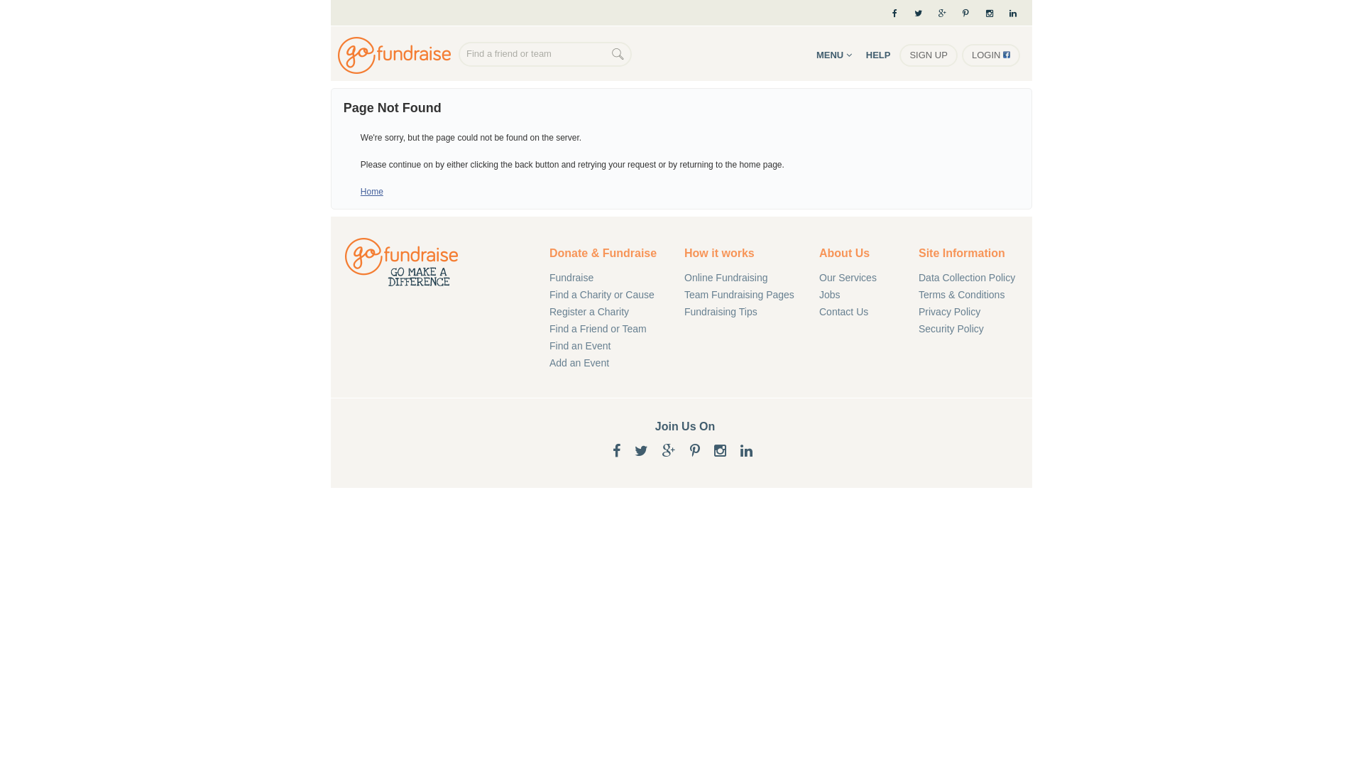 The width and height of the screenshot is (1363, 767). Describe the element at coordinates (974, 328) in the screenshot. I see `'Security Policy'` at that location.